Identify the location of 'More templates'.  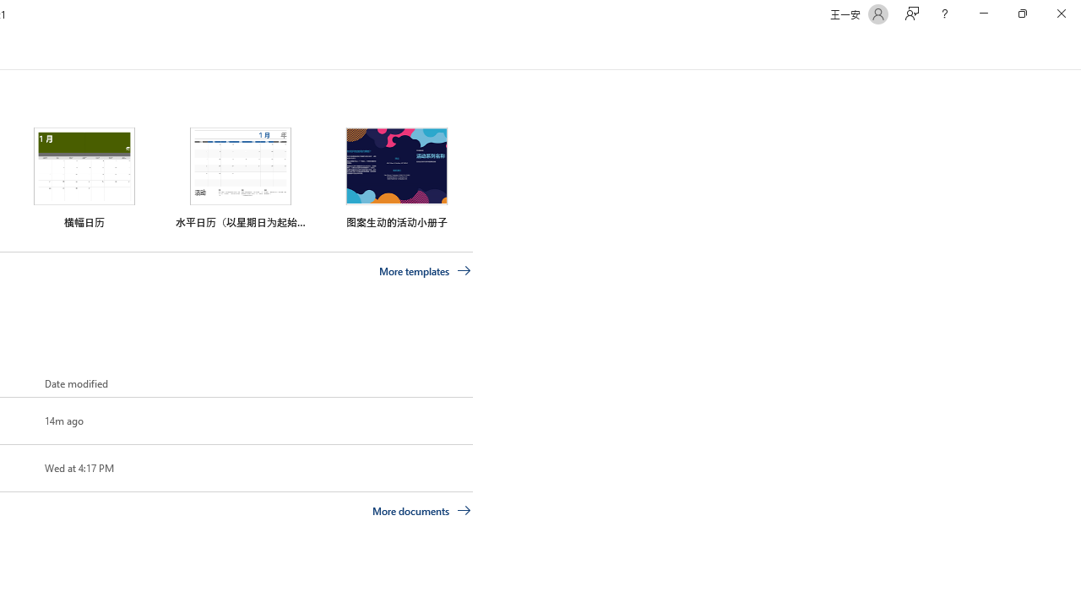
(425, 270).